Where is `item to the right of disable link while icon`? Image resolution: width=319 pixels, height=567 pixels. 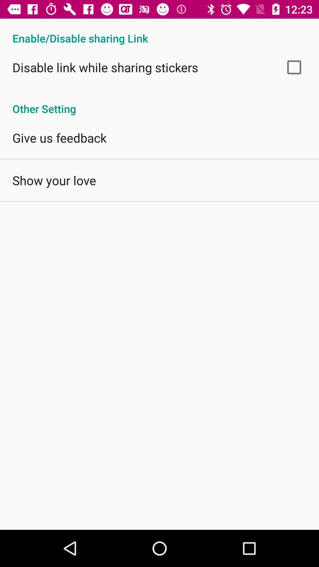
item to the right of disable link while icon is located at coordinates (294, 67).